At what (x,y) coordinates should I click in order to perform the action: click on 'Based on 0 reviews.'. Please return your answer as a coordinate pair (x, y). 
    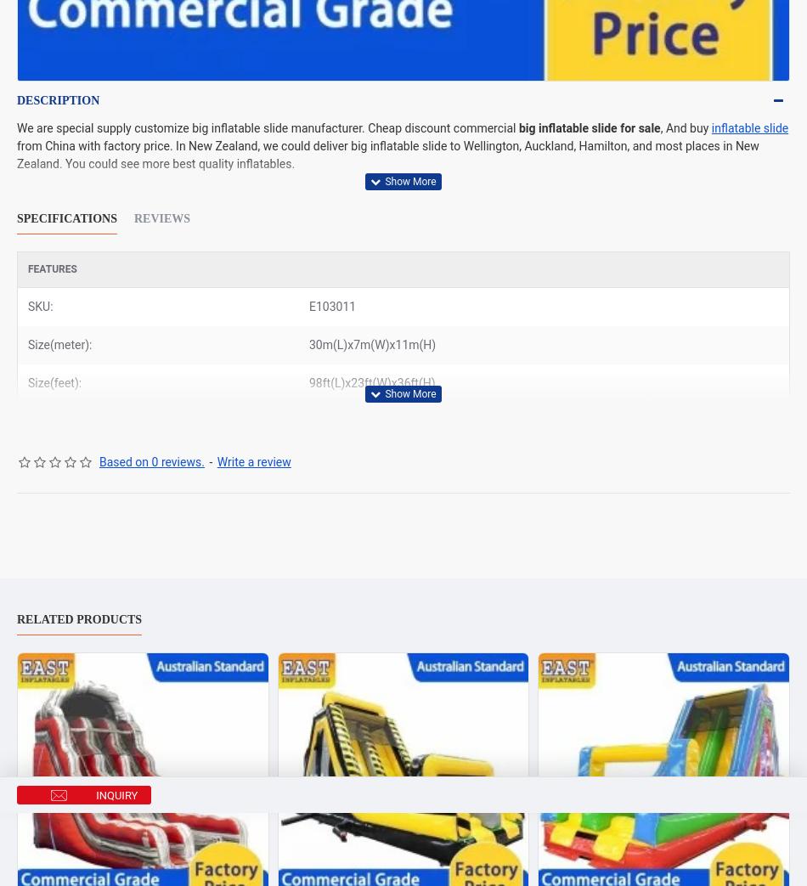
    Looking at the image, I should click on (151, 462).